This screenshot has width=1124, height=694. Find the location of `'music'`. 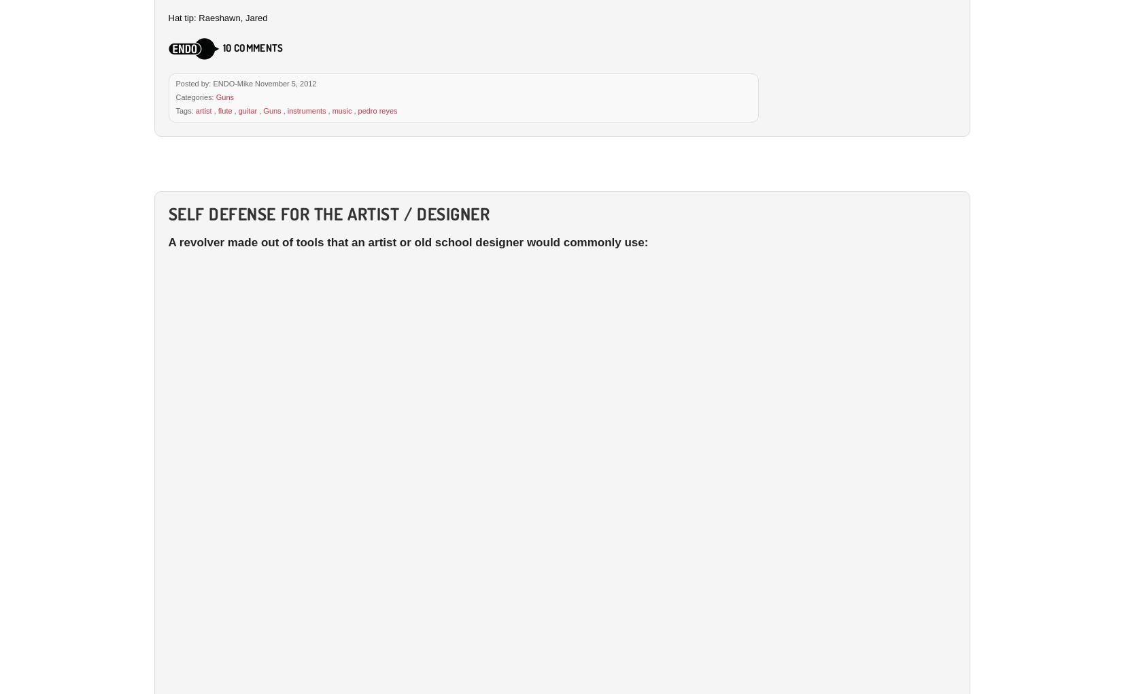

'music' is located at coordinates (341, 110).